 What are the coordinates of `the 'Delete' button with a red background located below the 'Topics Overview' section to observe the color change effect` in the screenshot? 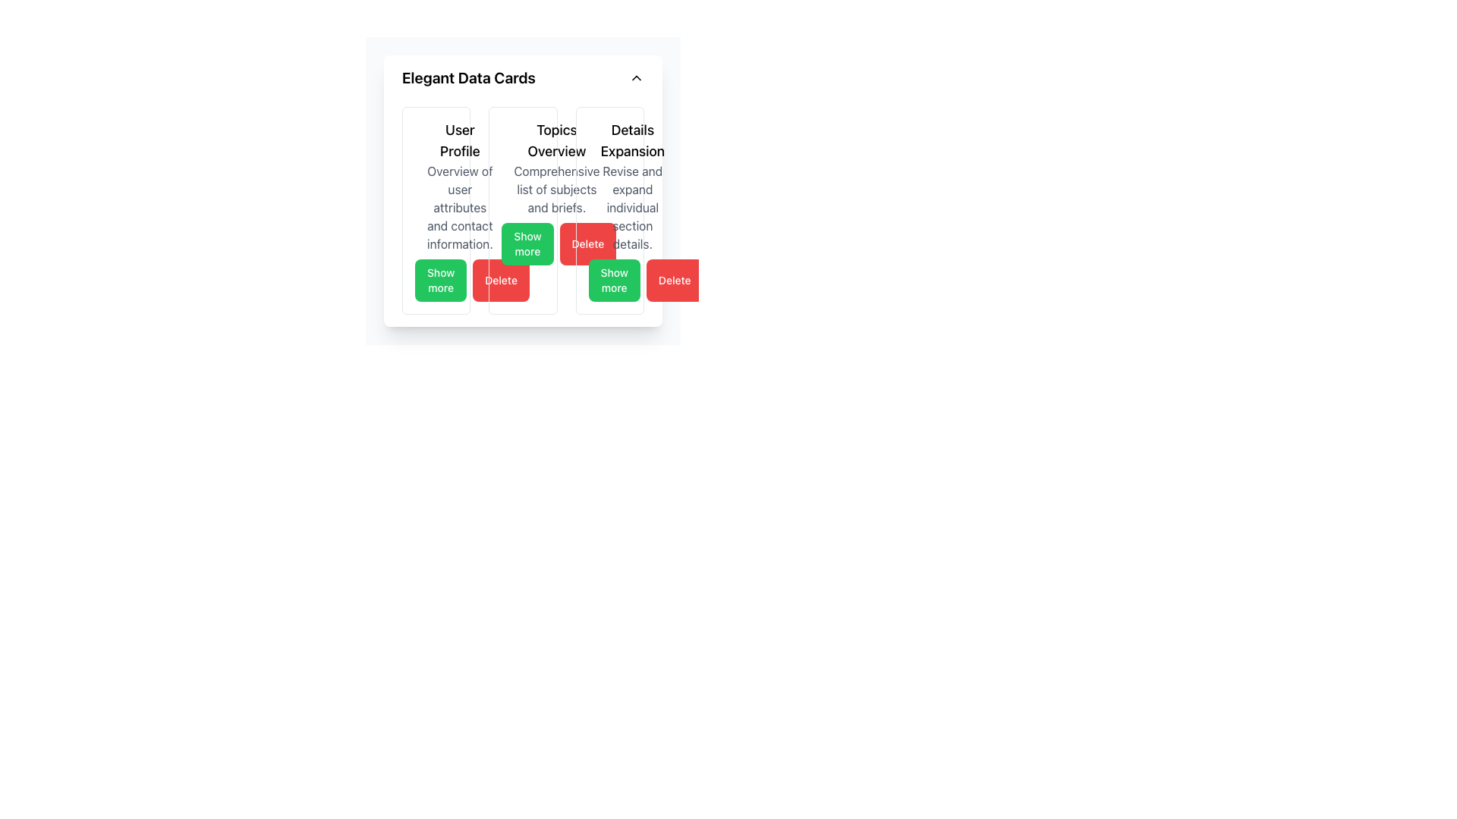 It's located at (587, 243).